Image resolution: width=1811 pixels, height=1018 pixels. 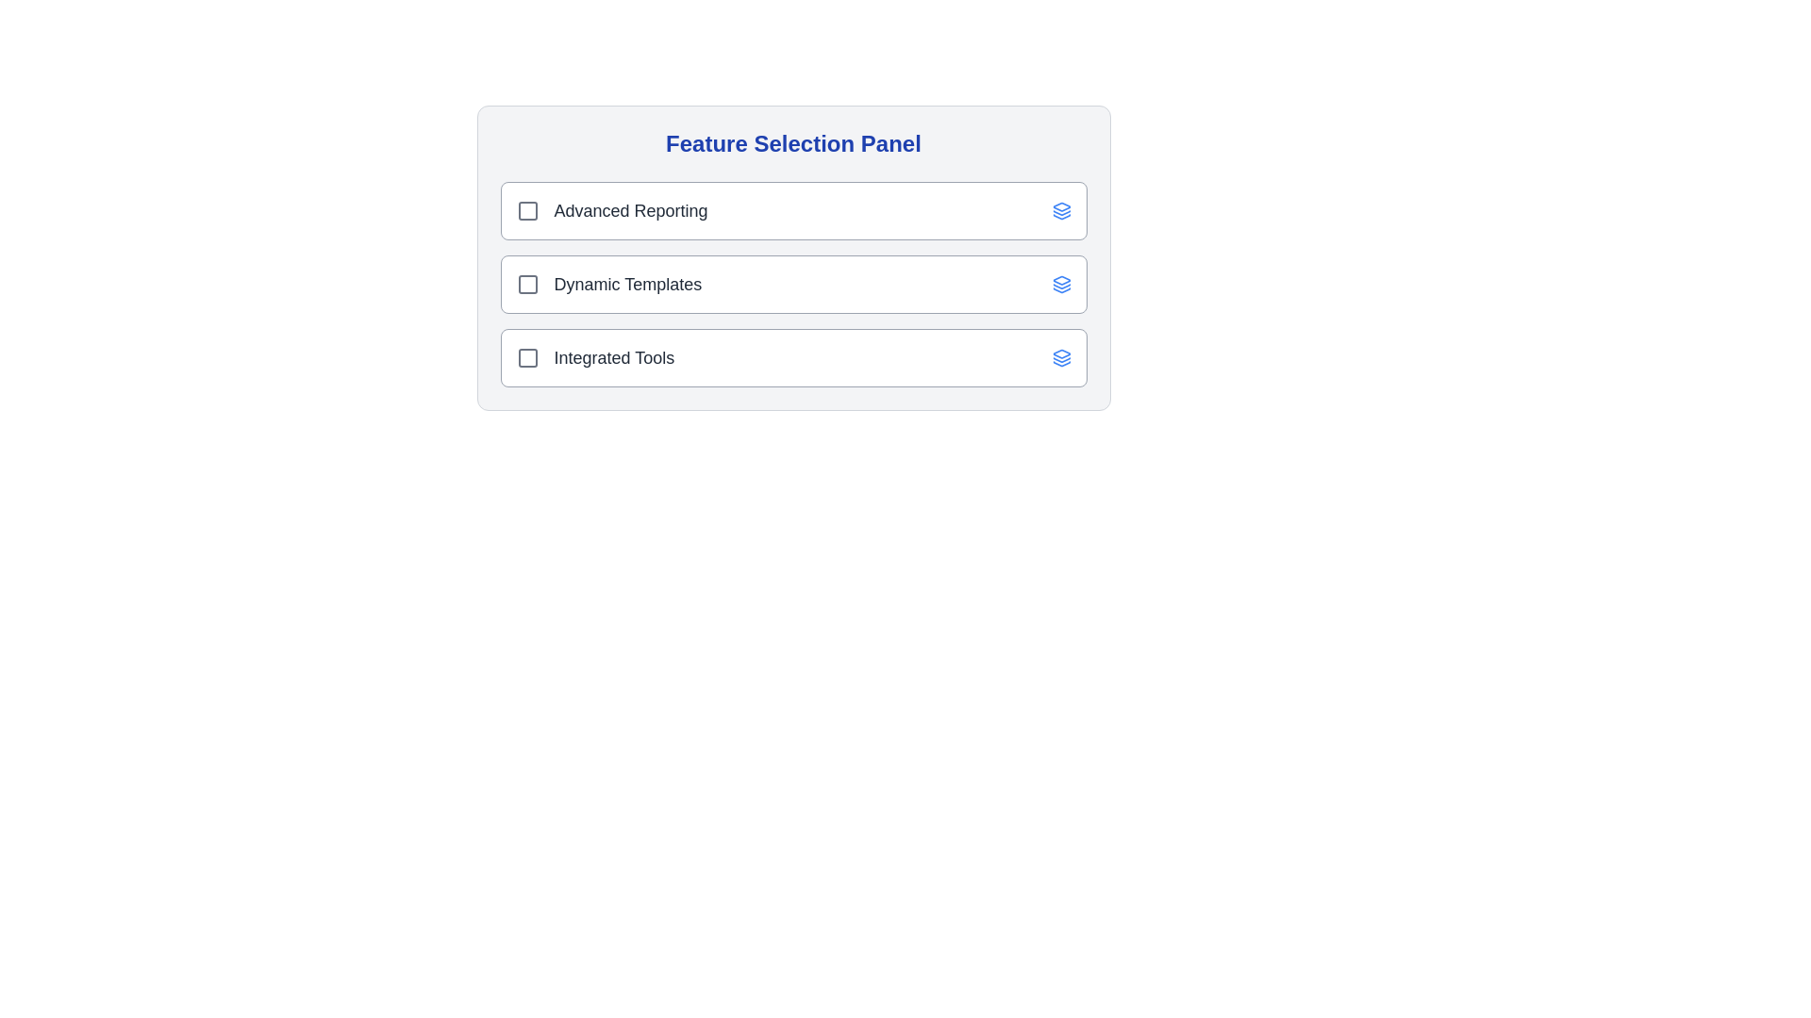 I want to click on the 'Integrated Tools' text label located in the third row of the 'Feature Selection Panel', which is displayed in a bold font style and medium gray color, so click(x=614, y=358).